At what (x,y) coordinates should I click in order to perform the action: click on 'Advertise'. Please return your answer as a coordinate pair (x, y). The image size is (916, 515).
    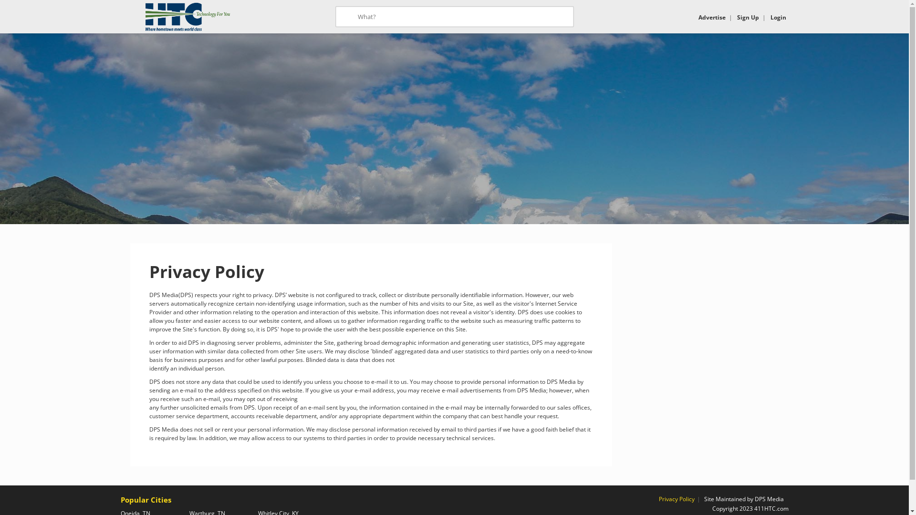
    Looking at the image, I should click on (712, 17).